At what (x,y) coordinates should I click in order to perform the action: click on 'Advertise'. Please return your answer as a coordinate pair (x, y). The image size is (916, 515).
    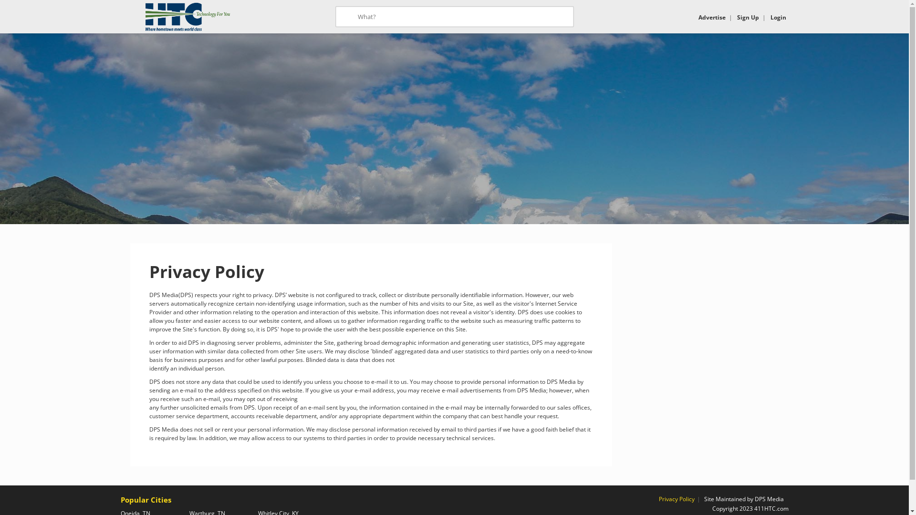
    Looking at the image, I should click on (712, 17).